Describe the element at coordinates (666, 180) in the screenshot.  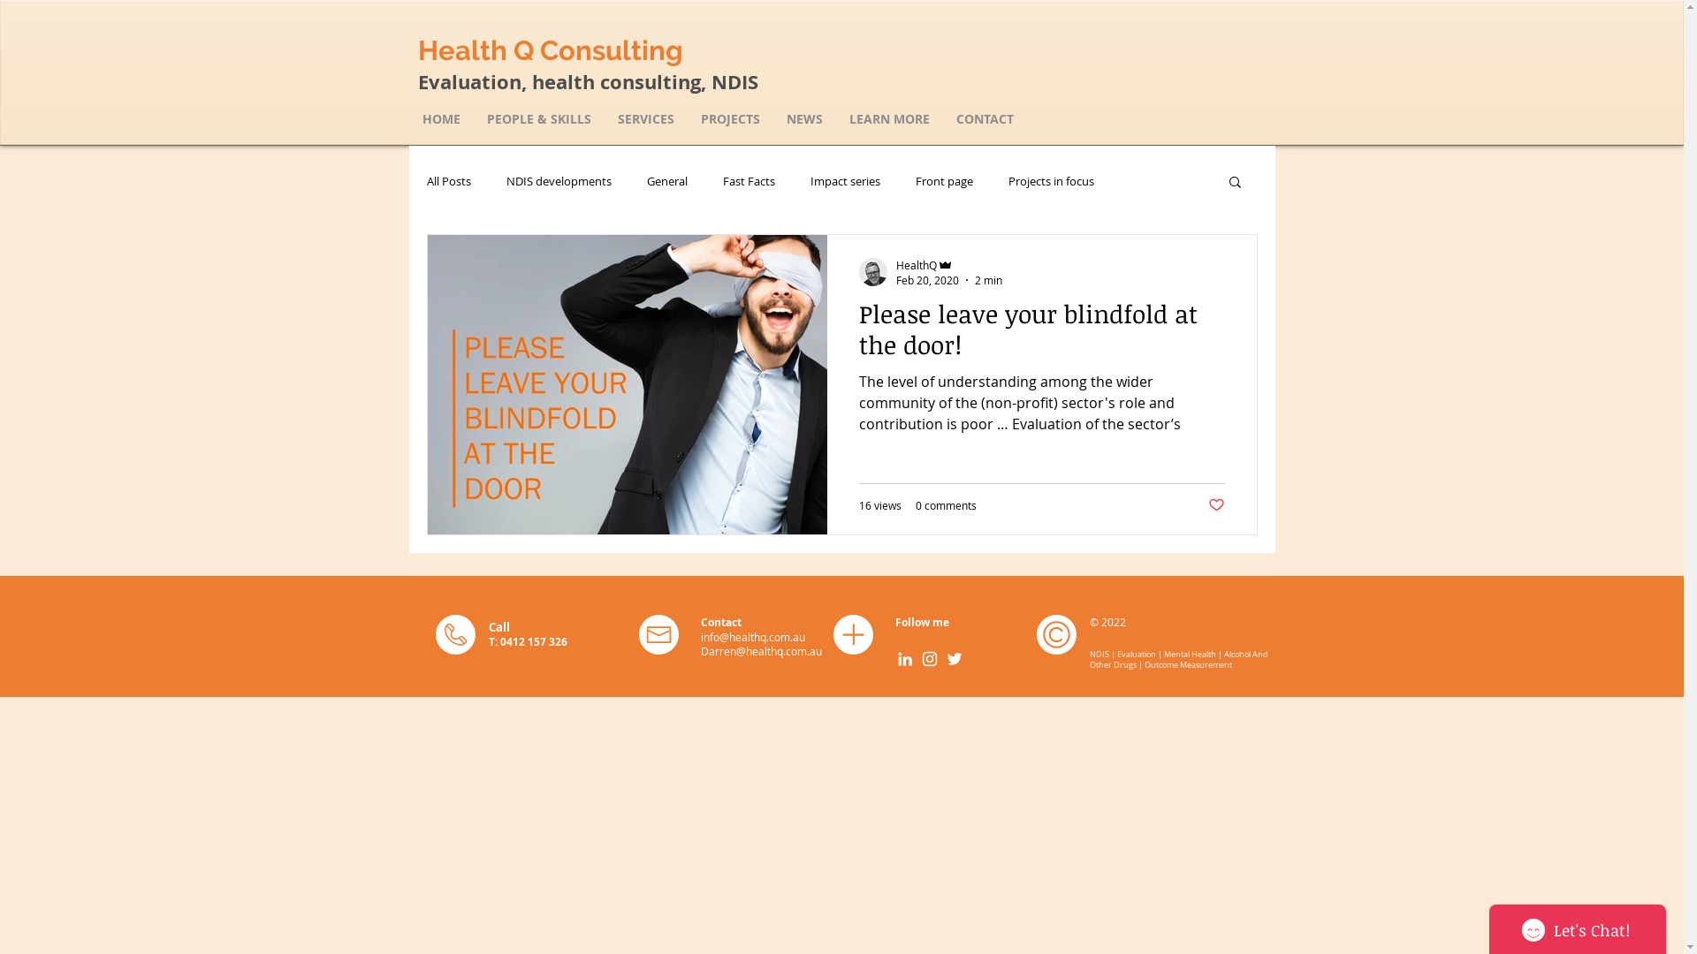
I see `'General'` at that location.